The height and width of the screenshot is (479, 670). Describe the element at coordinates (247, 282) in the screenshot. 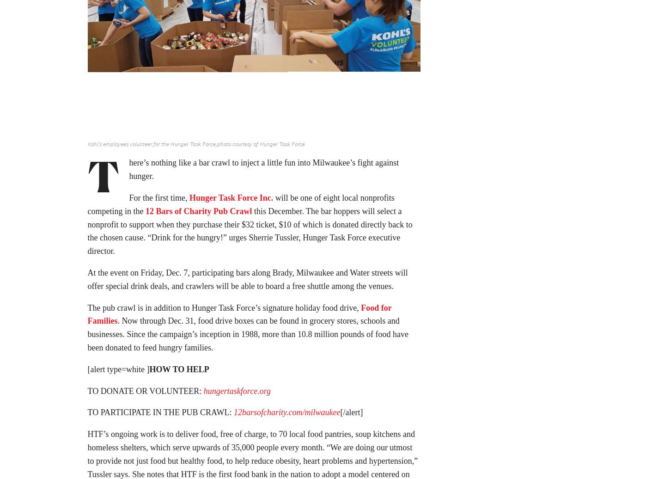

I see `'At the event on Friday, Dec. 7, participating bars along Brady, Milwaukee and Water streets will offer special drink deals, and crawlers will be able to board a free shuttle among the venues.'` at that location.